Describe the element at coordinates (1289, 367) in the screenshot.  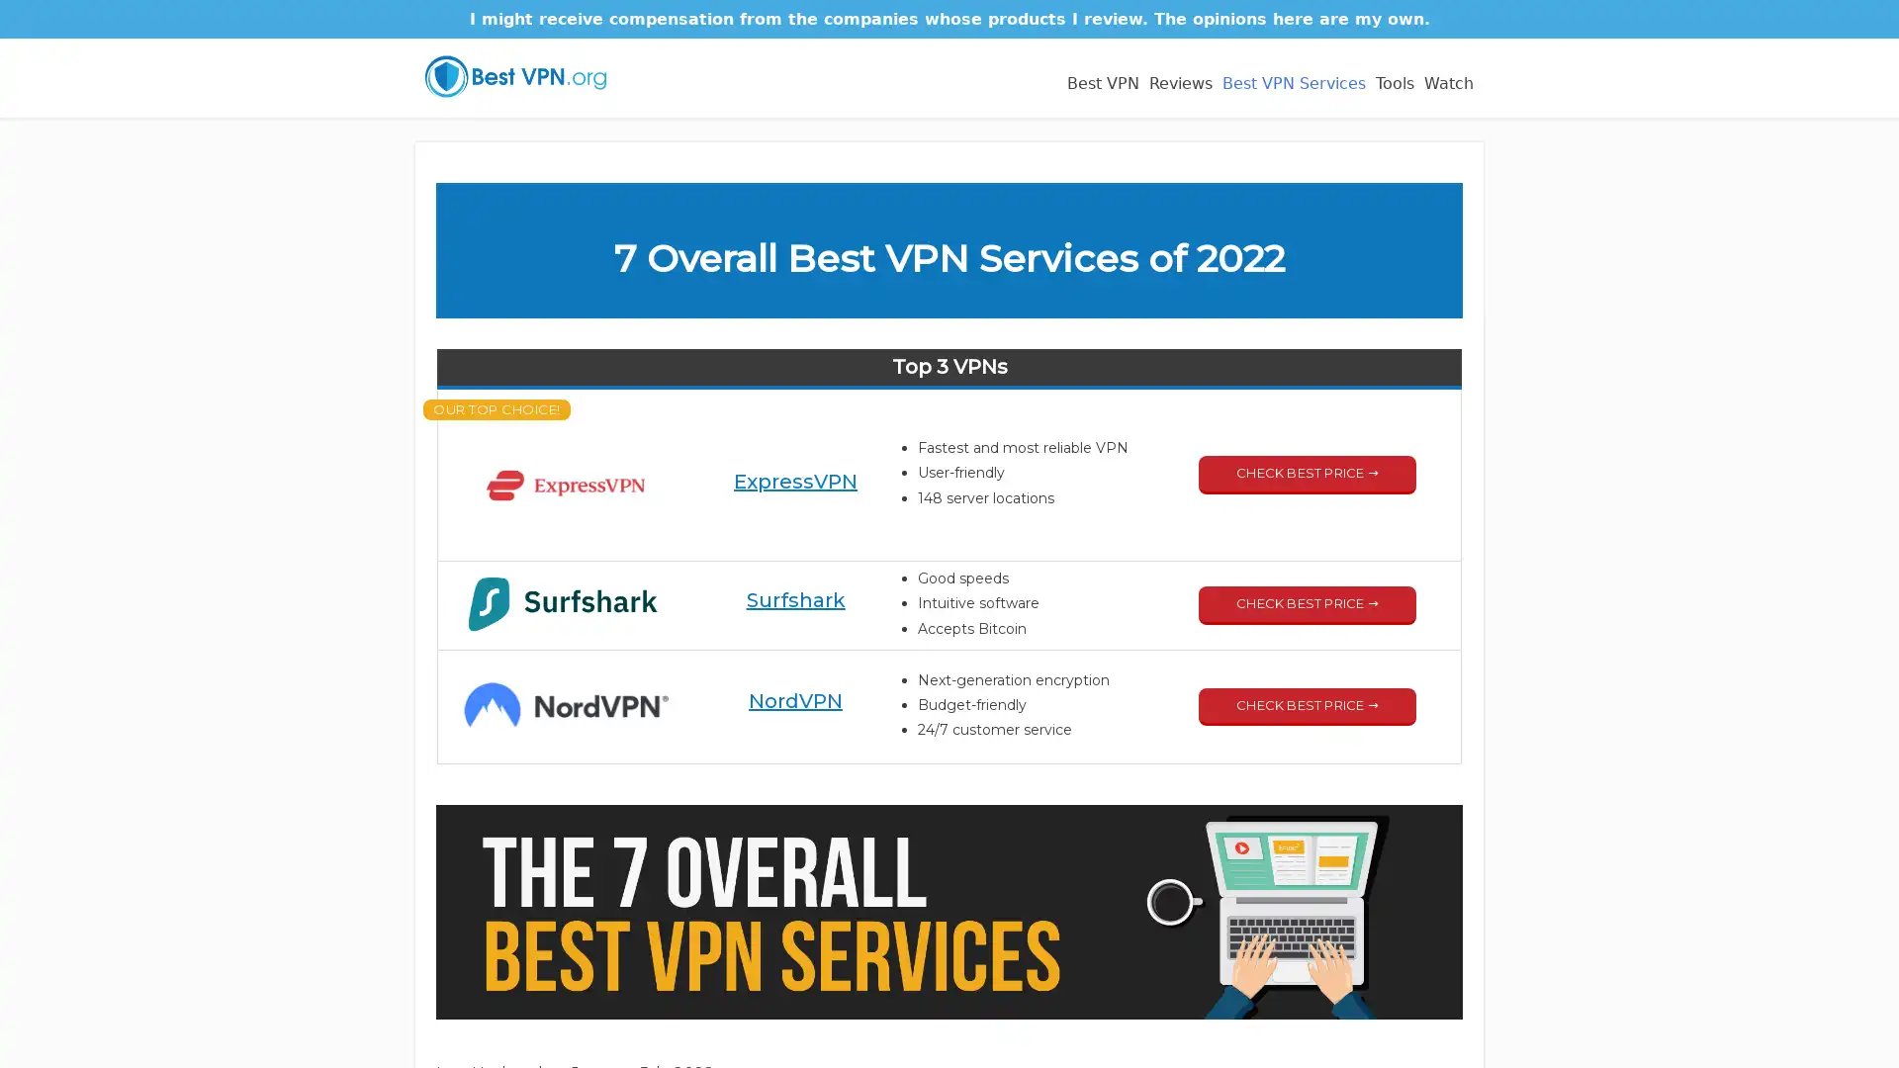
I see `Close` at that location.